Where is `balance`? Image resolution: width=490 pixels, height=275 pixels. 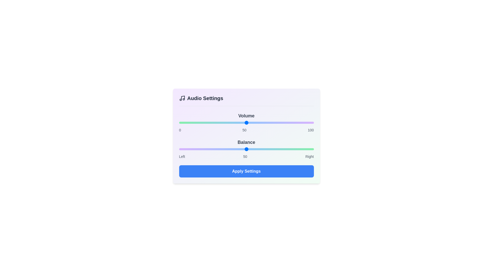 balance is located at coordinates (185, 149).